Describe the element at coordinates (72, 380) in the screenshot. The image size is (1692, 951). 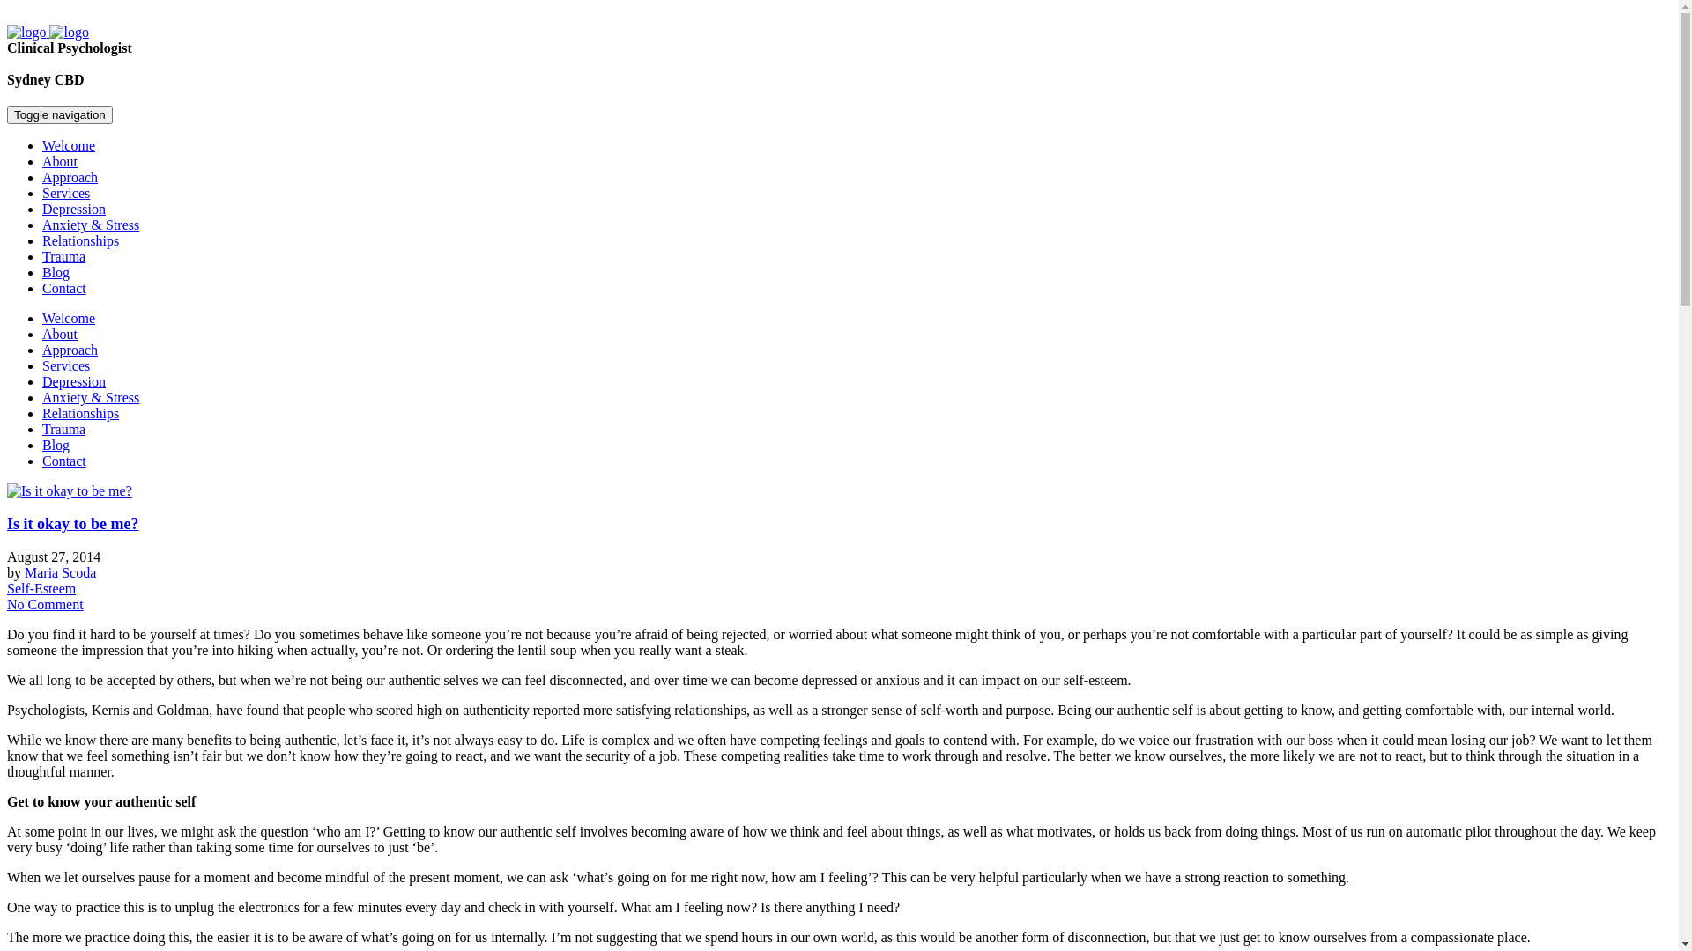
I see `'Depression'` at that location.